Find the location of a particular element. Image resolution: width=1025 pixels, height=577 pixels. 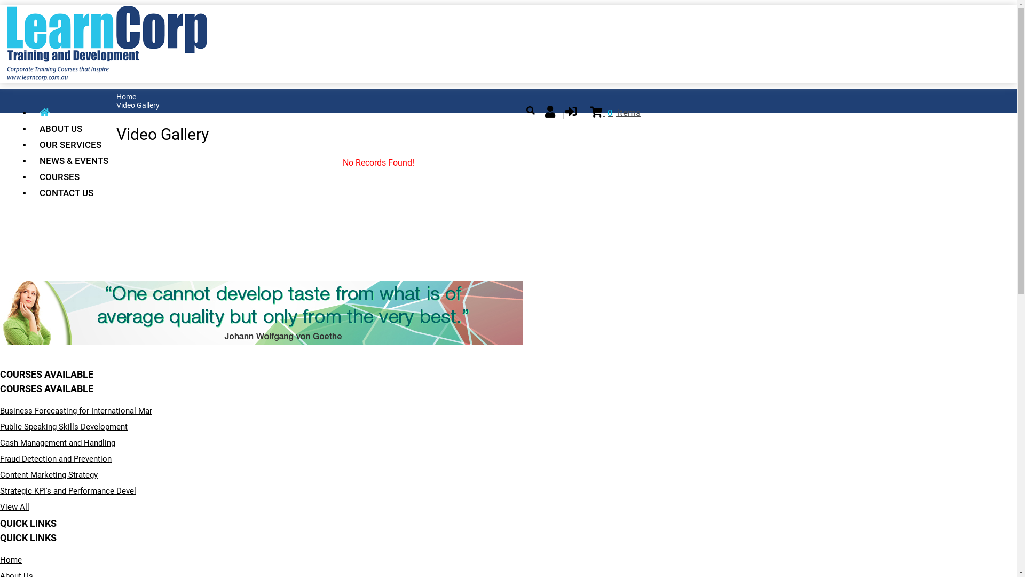

'Content Marketing Strategy' is located at coordinates (48, 474).